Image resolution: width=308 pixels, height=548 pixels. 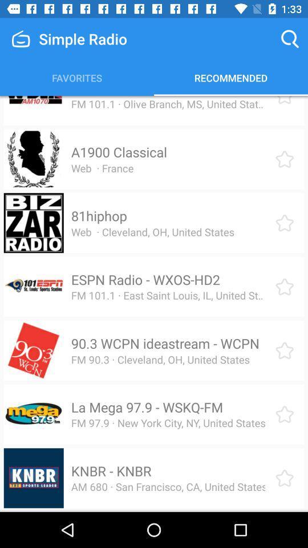 What do you see at coordinates (102, 167) in the screenshot?
I see `the item above 81hiphop icon` at bounding box center [102, 167].